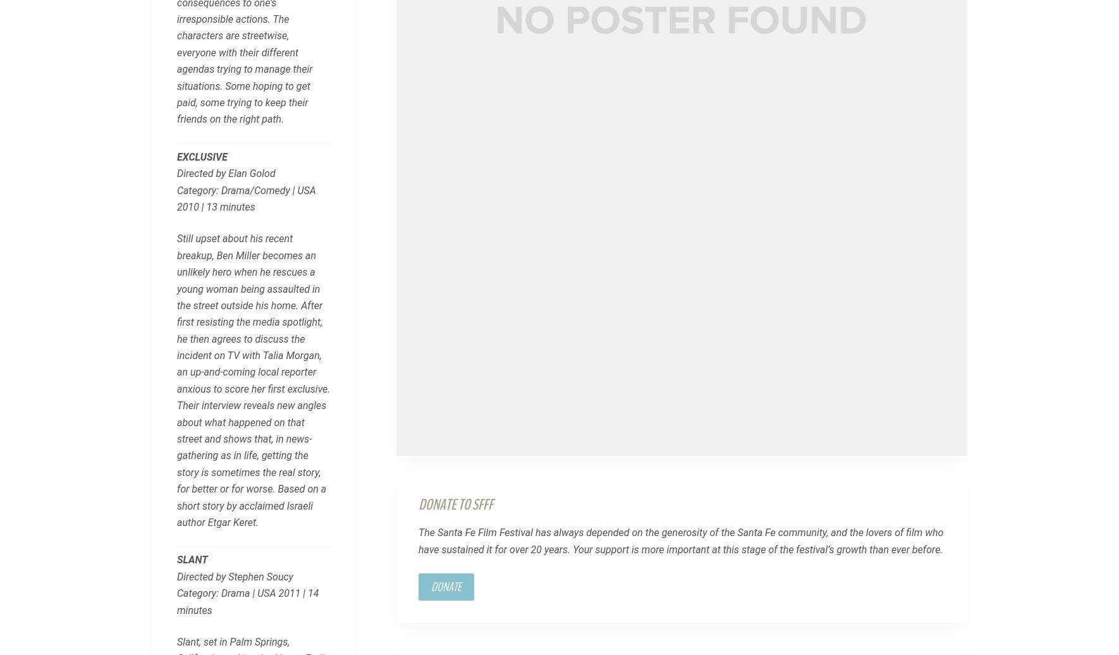 The width and height of the screenshot is (1119, 655). Describe the element at coordinates (595, 506) in the screenshot. I see `'Media Kit'` at that location.